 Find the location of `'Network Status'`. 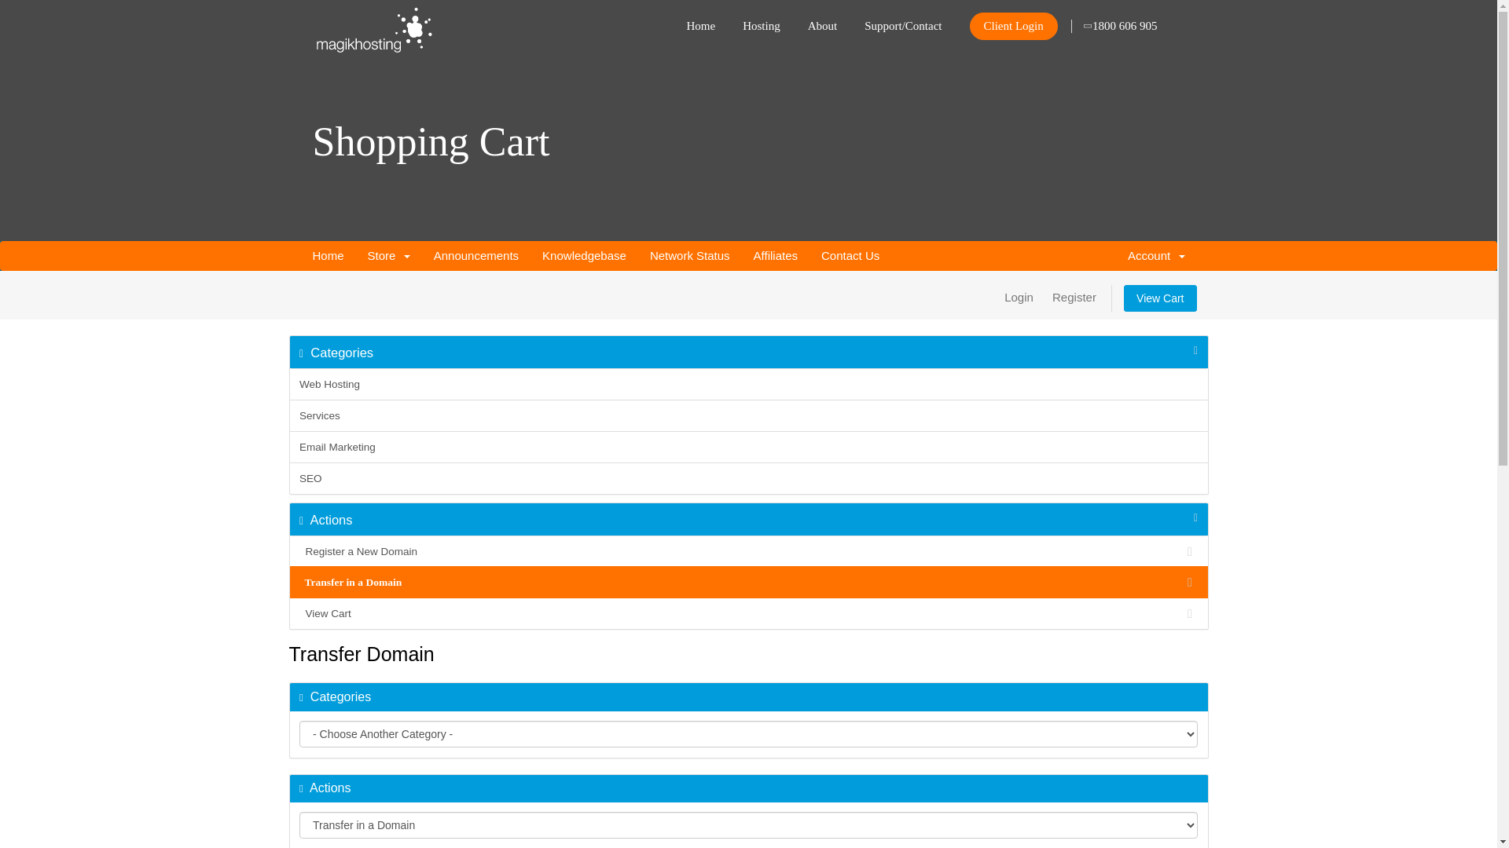

'Network Status' is located at coordinates (690, 255).